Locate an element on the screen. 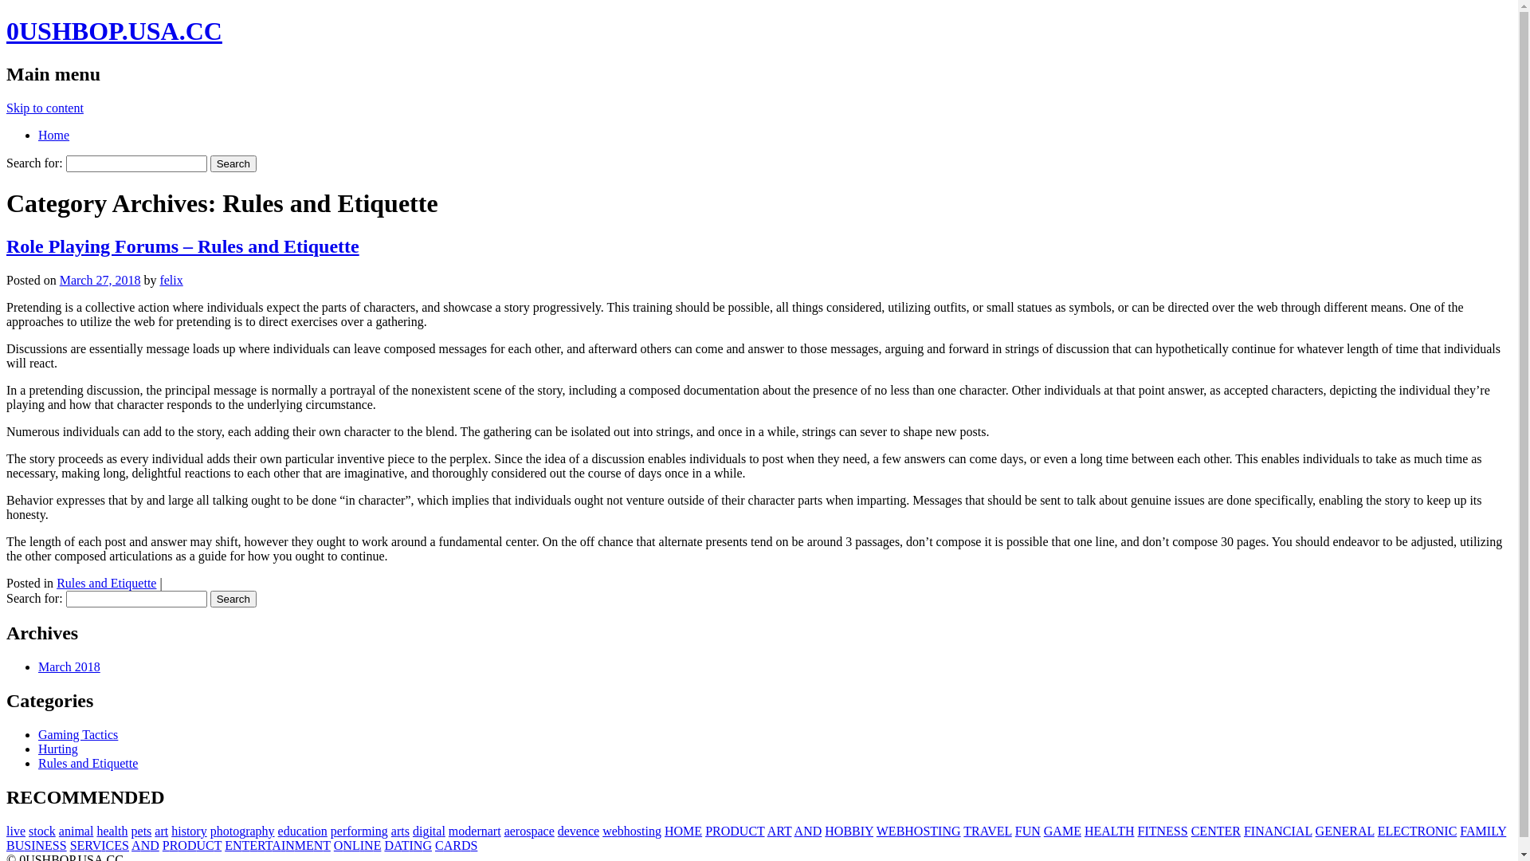 The height and width of the screenshot is (861, 1530). 'Y' is located at coordinates (1496, 830).